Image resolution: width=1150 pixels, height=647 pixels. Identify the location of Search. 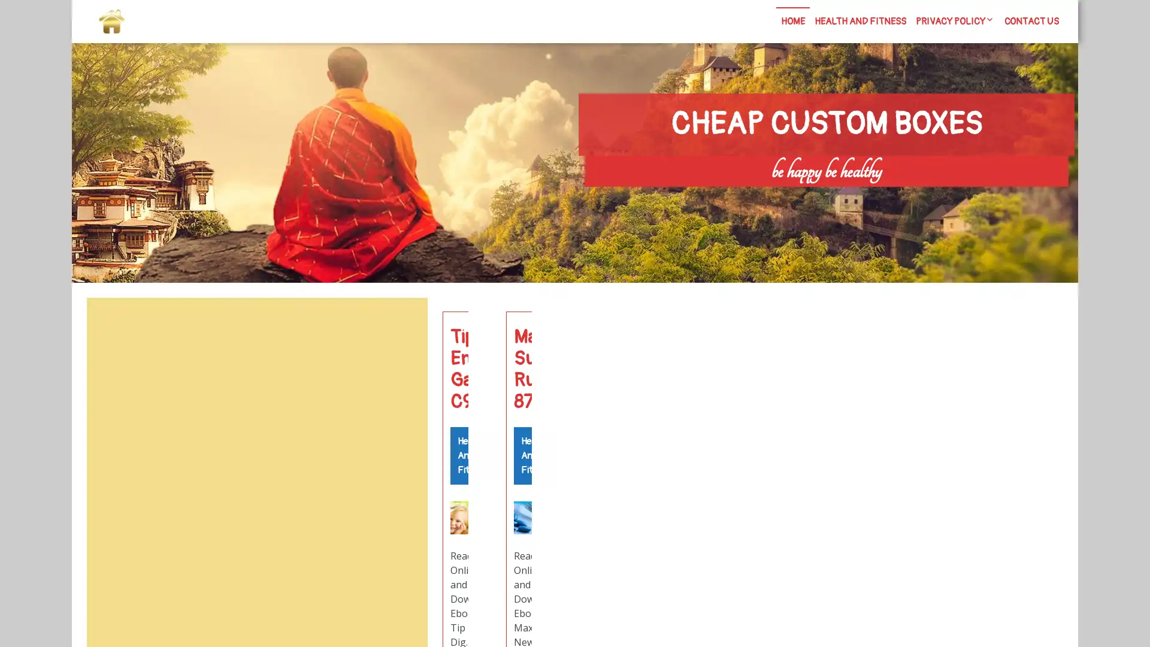
(400, 326).